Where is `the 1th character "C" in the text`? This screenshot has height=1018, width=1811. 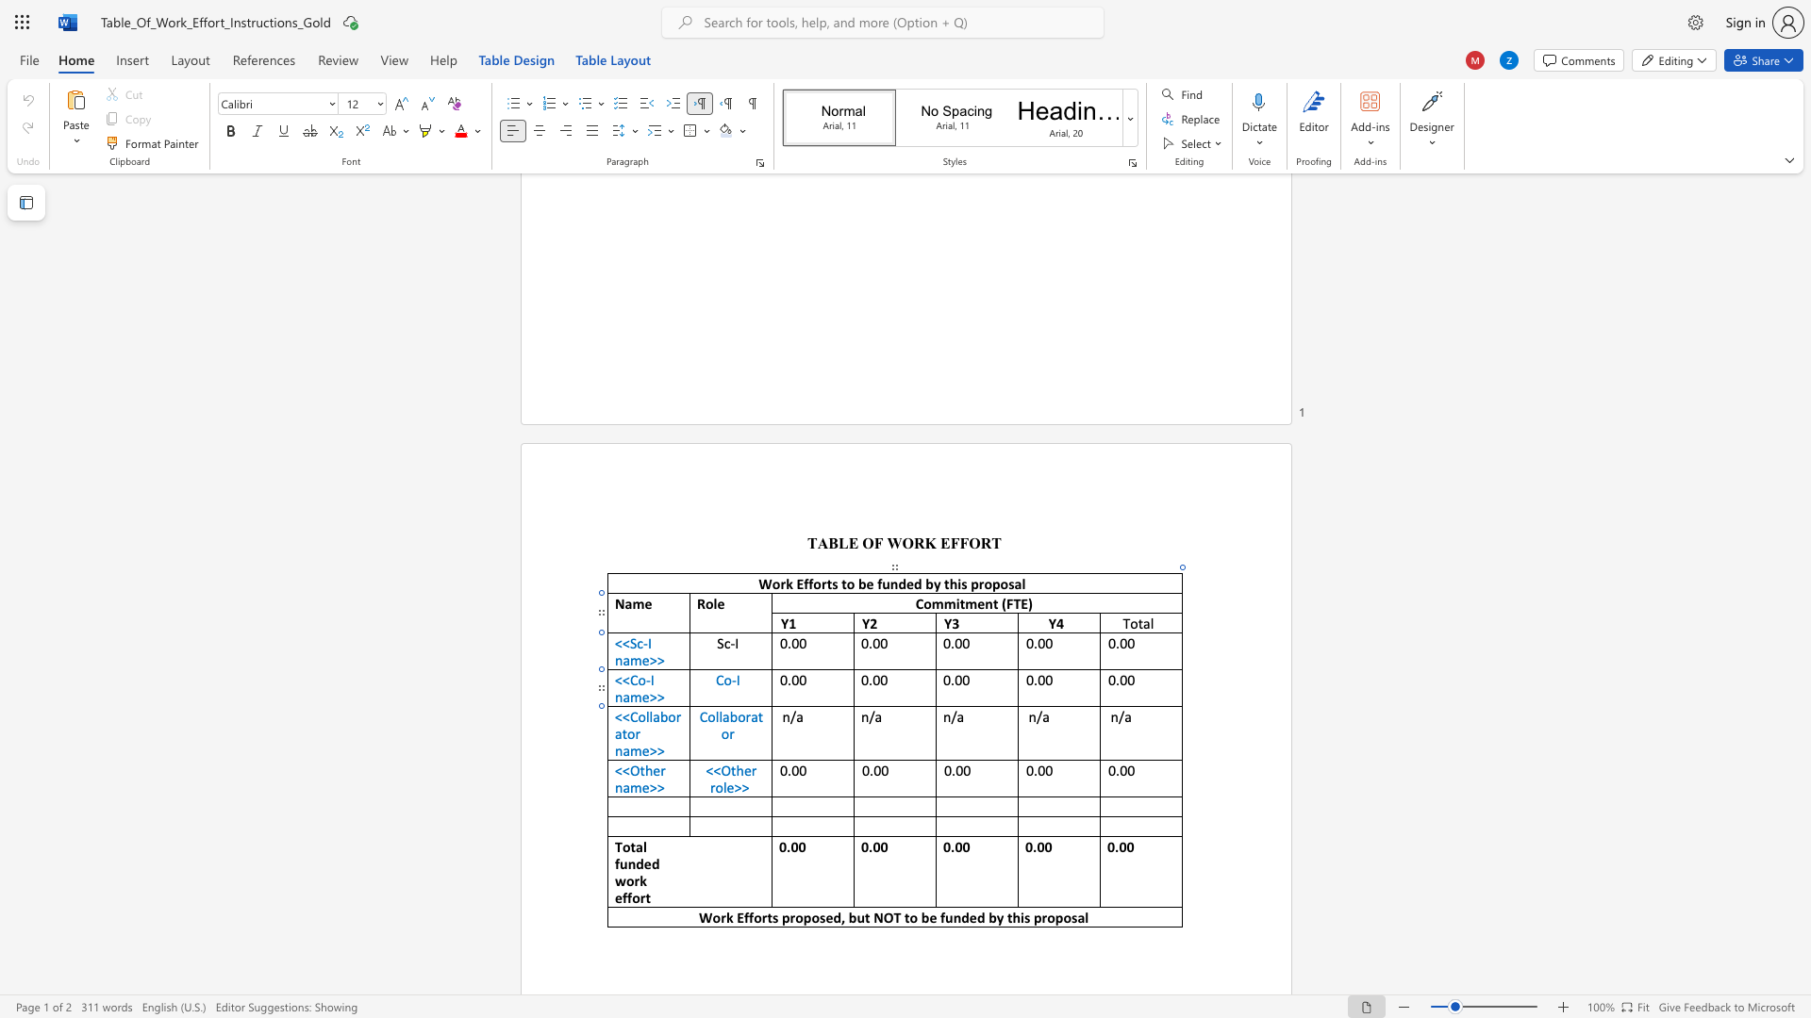
the 1th character "C" in the text is located at coordinates (703, 716).